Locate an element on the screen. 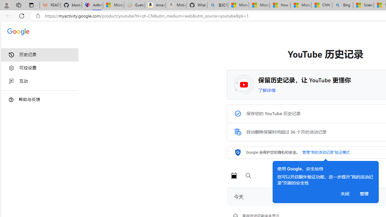 The image size is (386, 217). 'Bing' is located at coordinates (343, 5).